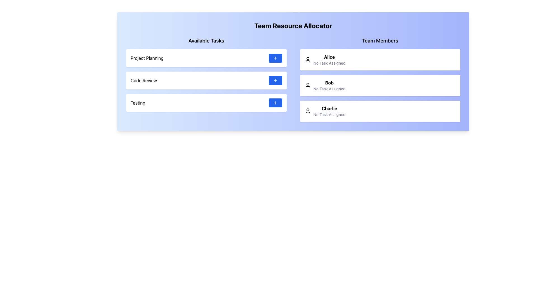 The height and width of the screenshot is (302, 537). What do you see at coordinates (275, 58) in the screenshot?
I see `the blue rectangular button with rounded corners containing a white plus icon, located to the right of the 'Project Planning' text in the 'Available Tasks' section` at bounding box center [275, 58].